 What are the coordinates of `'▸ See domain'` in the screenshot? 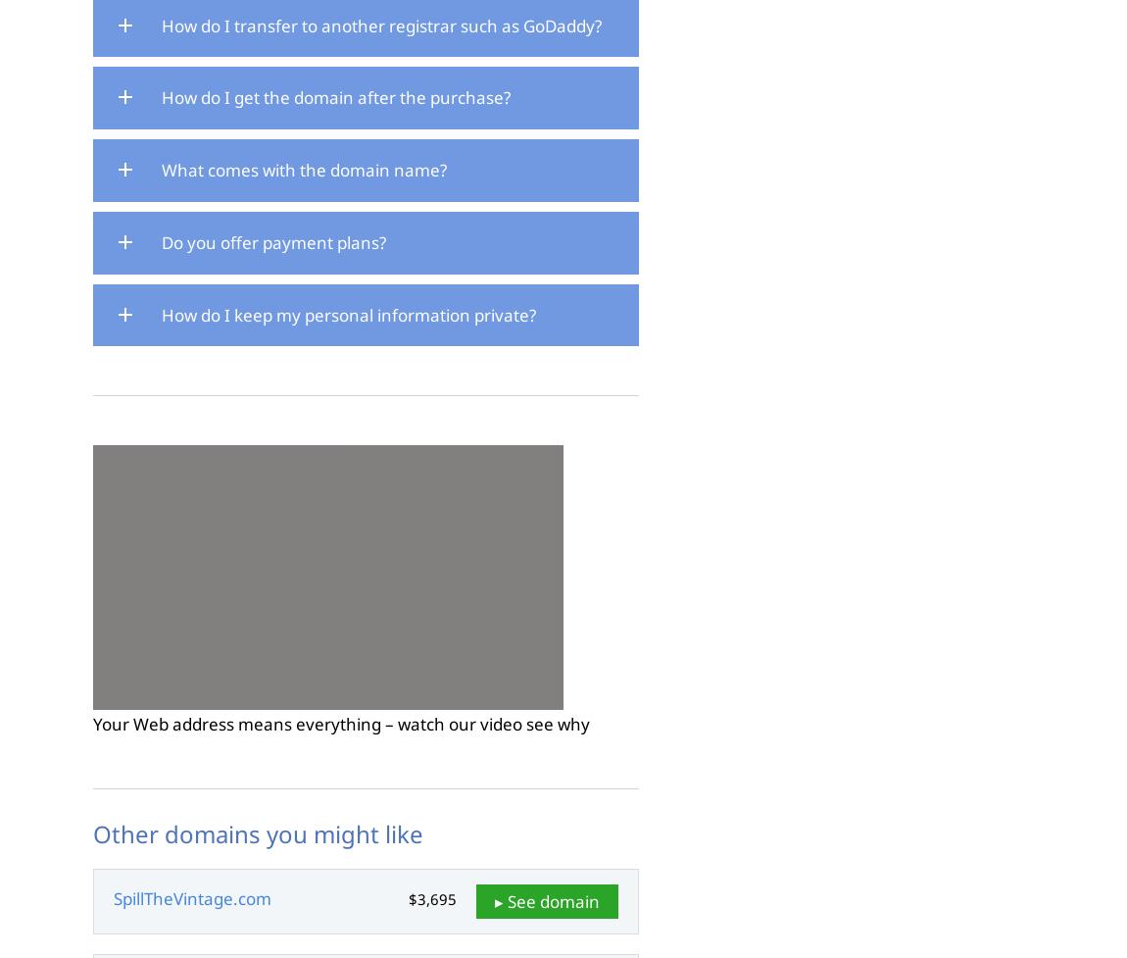 It's located at (547, 899).